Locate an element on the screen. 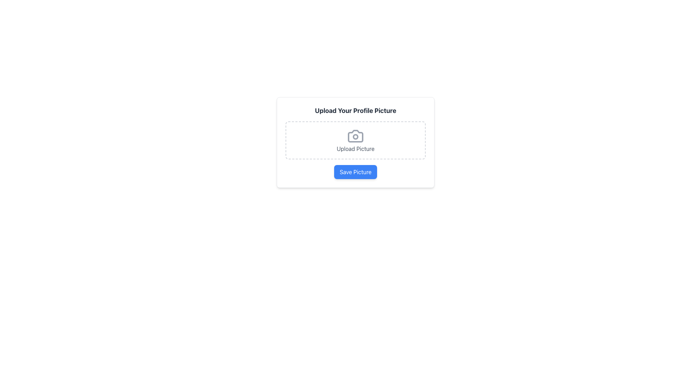 The height and width of the screenshot is (380, 676). the decorative camera icon within the SVG that enhances the 'Upload Picture' interface is located at coordinates (355, 136).